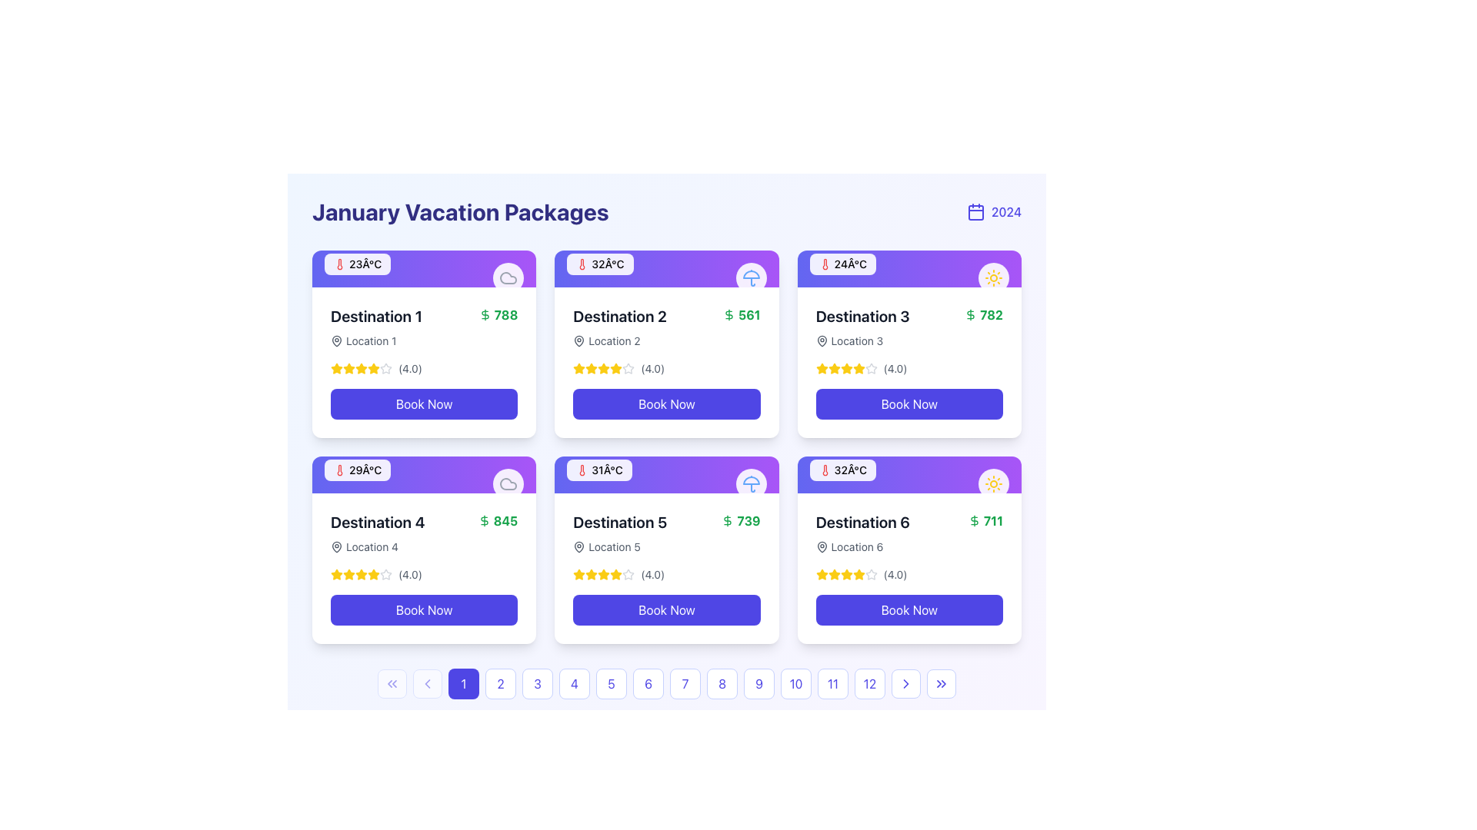  I want to click on the pagination button styled as a square with rounded corners, featuring a white background and a blue double-chevron leftward arrow icon, located at the far left of the pagination controls, so click(392, 683).